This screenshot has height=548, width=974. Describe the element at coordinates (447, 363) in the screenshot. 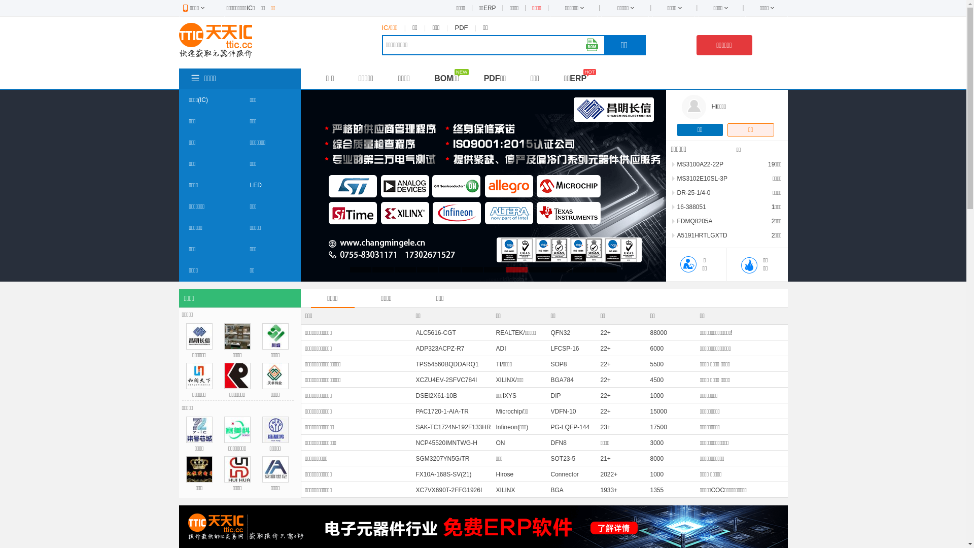

I see `'TPS54560BQDDARQ1'` at that location.